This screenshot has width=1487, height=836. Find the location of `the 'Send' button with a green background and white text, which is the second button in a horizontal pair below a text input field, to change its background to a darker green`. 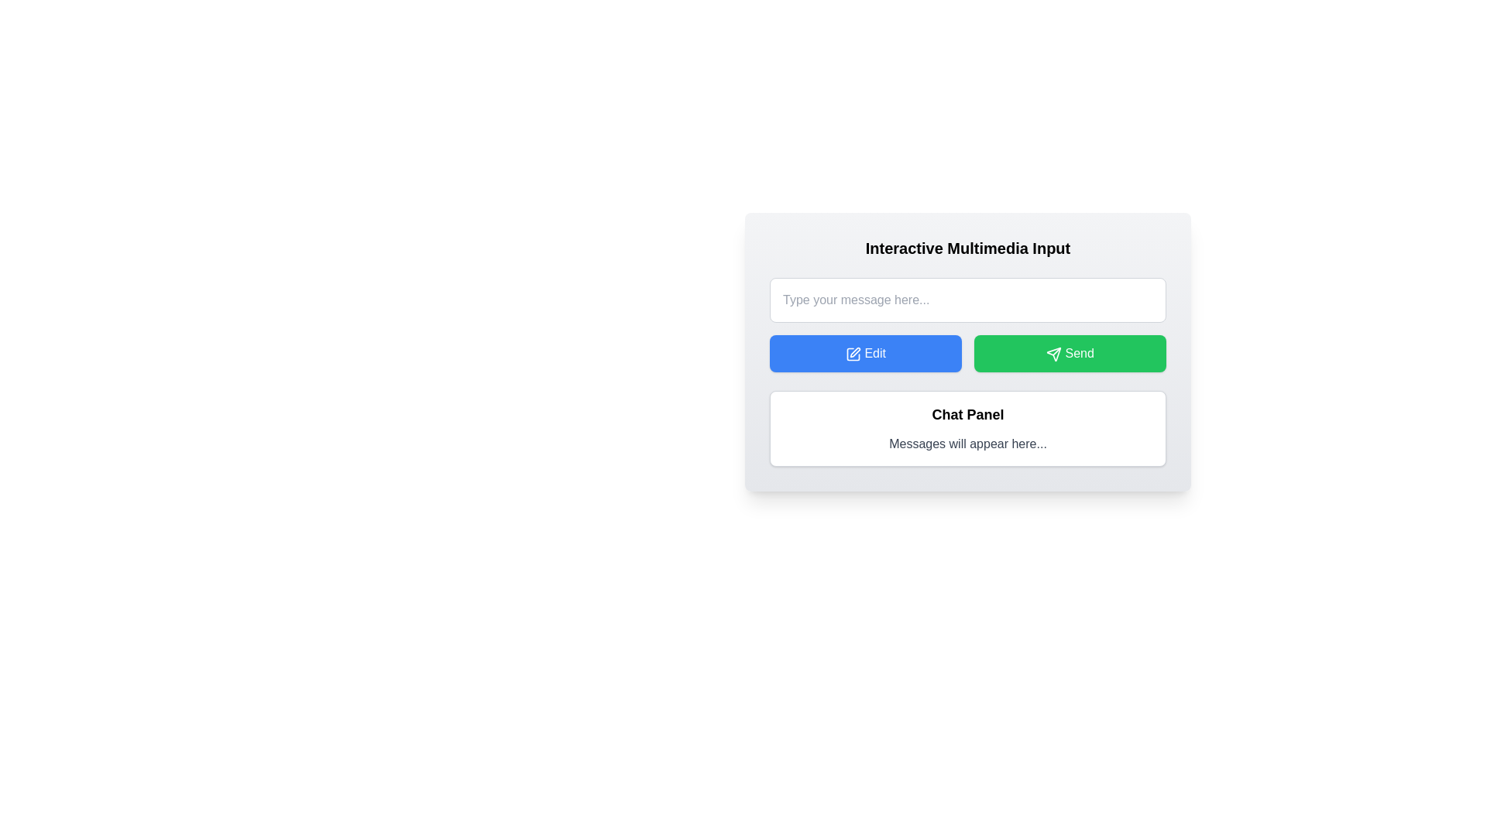

the 'Send' button with a green background and white text, which is the second button in a horizontal pair below a text input field, to change its background to a darker green is located at coordinates (1070, 353).